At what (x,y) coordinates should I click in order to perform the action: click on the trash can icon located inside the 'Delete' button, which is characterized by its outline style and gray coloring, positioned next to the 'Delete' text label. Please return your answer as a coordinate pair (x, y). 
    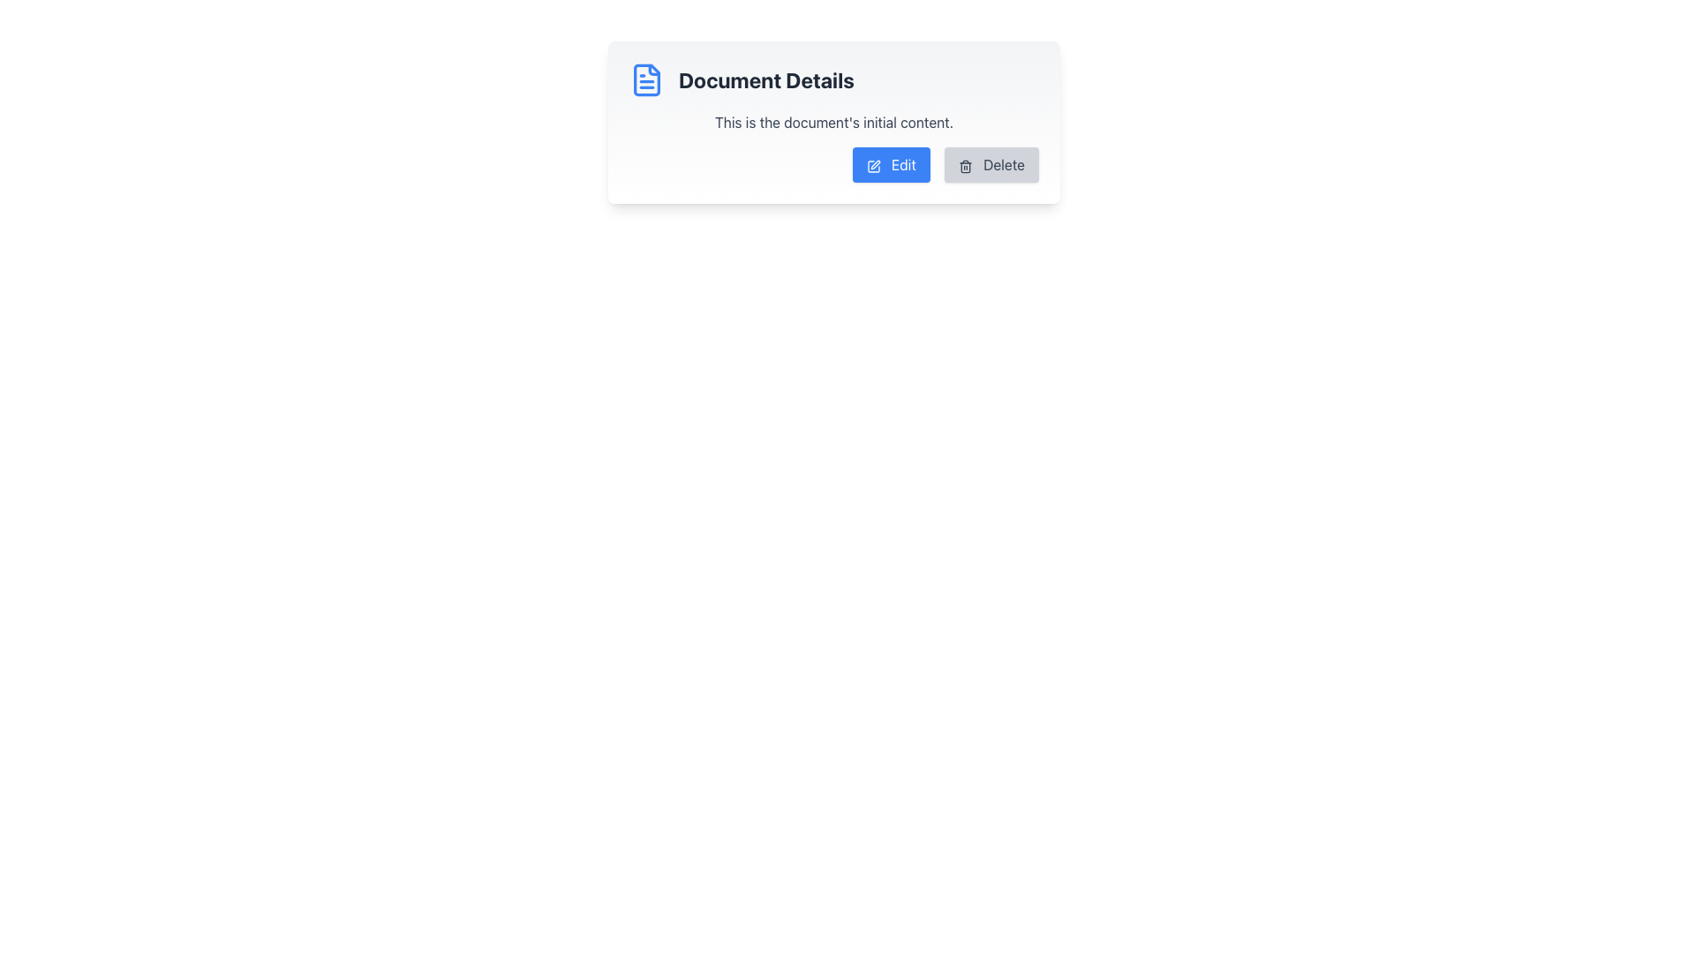
    Looking at the image, I should click on (964, 166).